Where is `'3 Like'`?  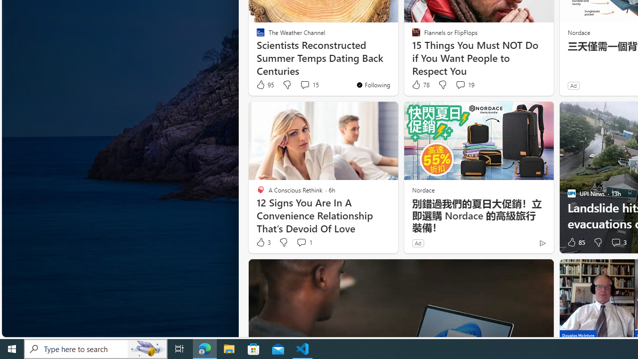
'3 Like' is located at coordinates (263, 242).